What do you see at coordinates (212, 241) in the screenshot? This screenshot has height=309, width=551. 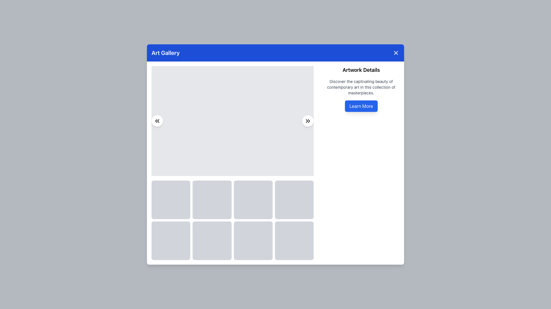 I see `the Placeholder tile which is a square-shaped tile with a light gray background and rounded corners, located in the second row and second column of a 4x2 grid` at bounding box center [212, 241].